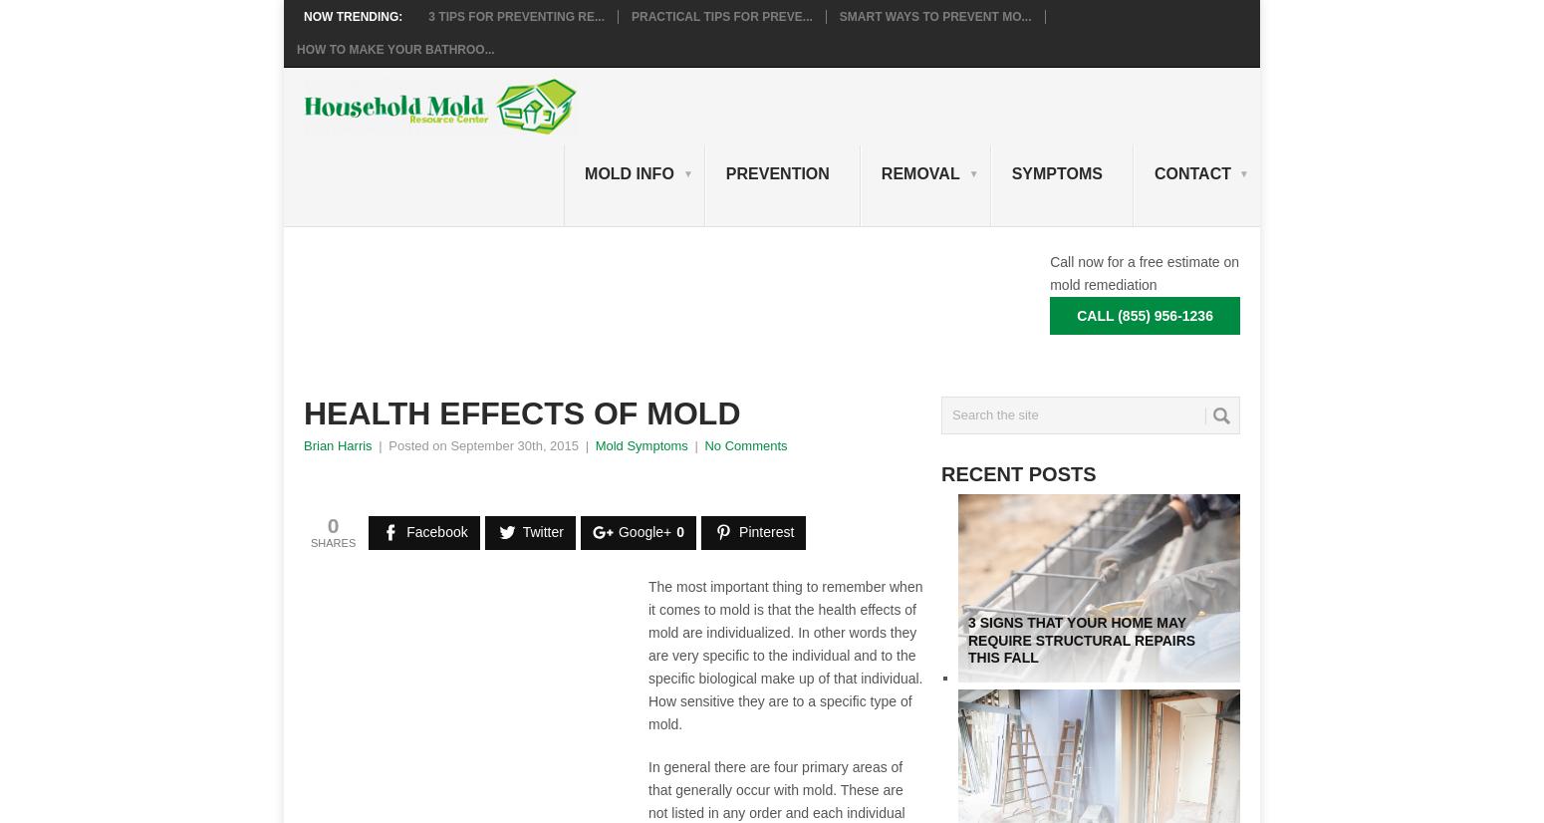  What do you see at coordinates (1144, 315) in the screenshot?
I see `'Call (855) 956-1236'` at bounding box center [1144, 315].